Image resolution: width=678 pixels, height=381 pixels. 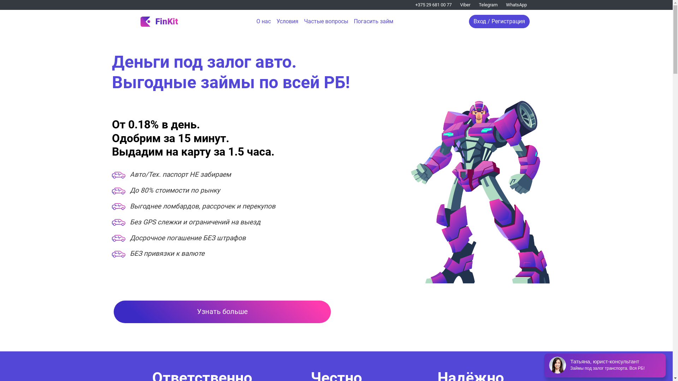 I want to click on 'Viber', so click(x=451, y=5).